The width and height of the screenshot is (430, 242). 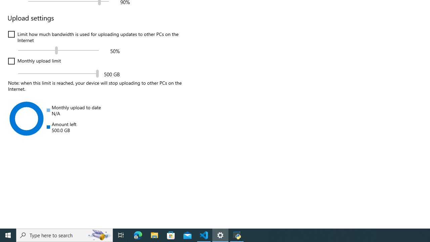 I want to click on 'Type here to search', so click(x=64, y=235).